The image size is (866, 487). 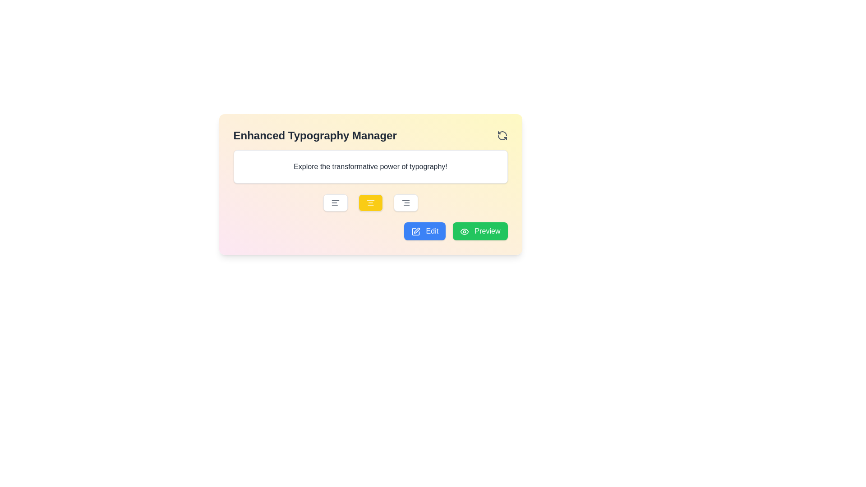 I want to click on the center-align text button, which is a rounded rectangular button with a yellow background and a white text alignment icon, located symmetrically between left and right alignment buttons, so click(x=370, y=194).